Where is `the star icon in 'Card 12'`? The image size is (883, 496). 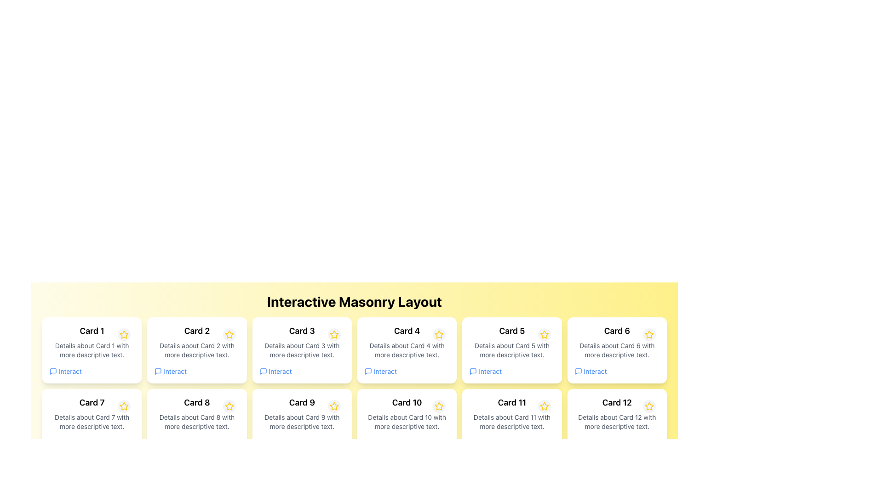 the star icon in 'Card 12' is located at coordinates (617, 422).